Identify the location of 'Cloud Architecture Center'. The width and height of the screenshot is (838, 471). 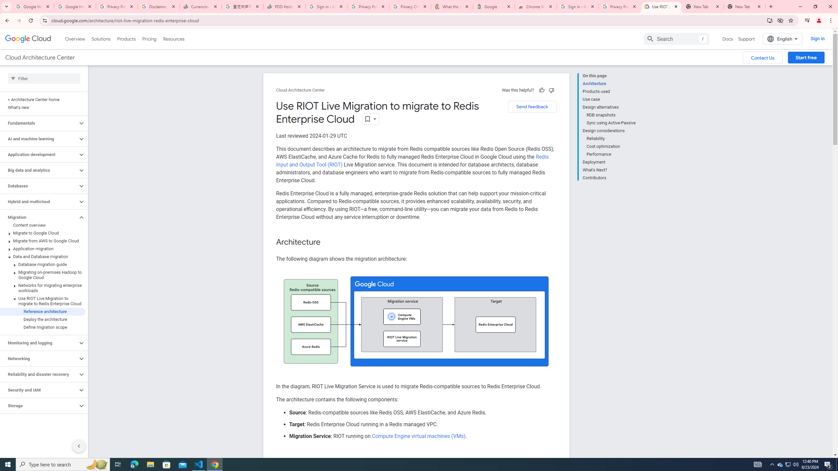
(300, 90).